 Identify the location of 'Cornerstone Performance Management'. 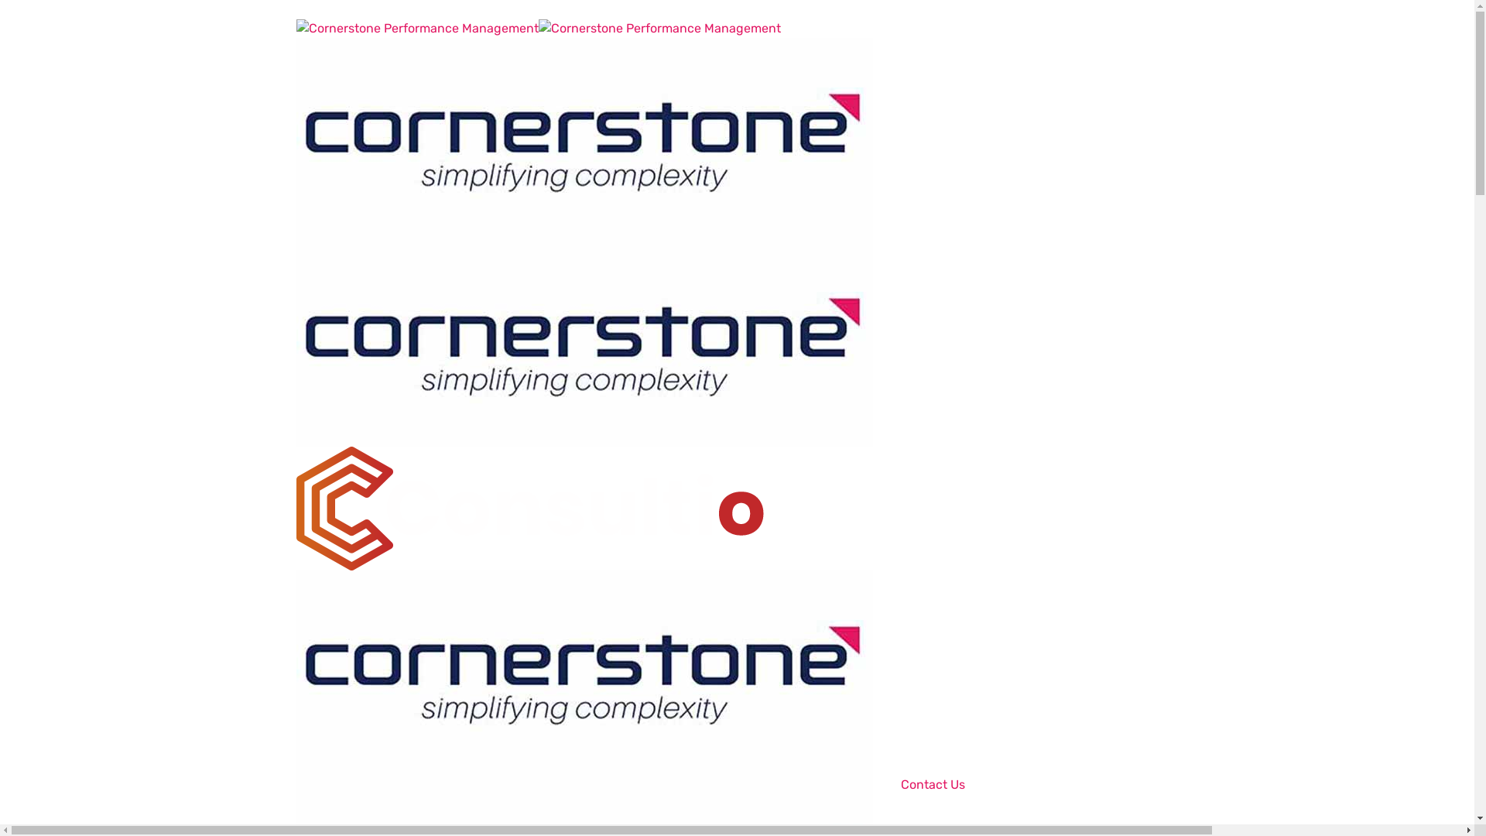
(583, 670).